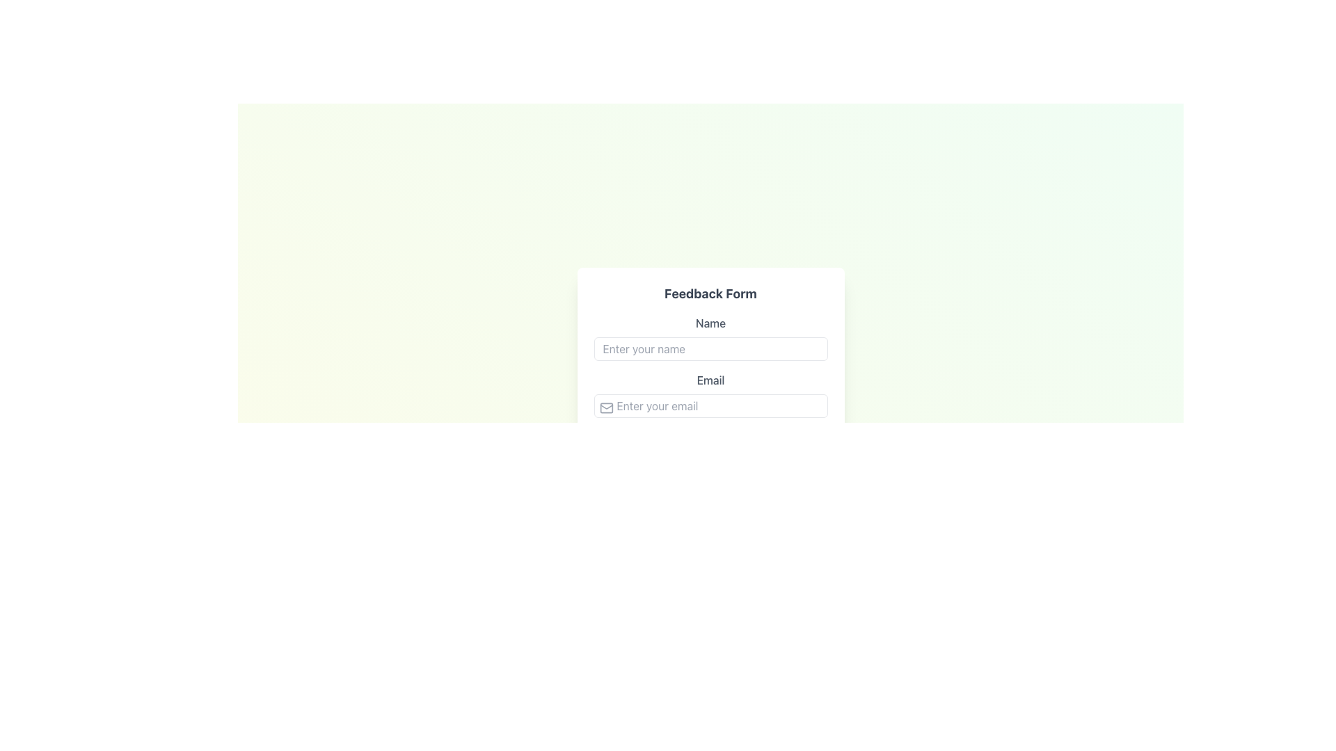  What do you see at coordinates (710, 323) in the screenshot?
I see `the text label that displays the word 'Name', which is styled in gray and positioned above the input field for entering a name` at bounding box center [710, 323].